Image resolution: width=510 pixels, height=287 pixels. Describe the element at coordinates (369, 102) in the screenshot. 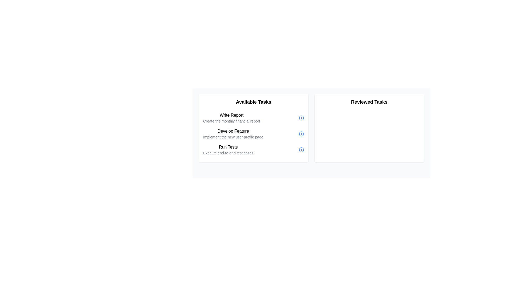

I see `the static text header located at the top of the right-hand section of the interface, which serves as a title for the associated content below it` at that location.